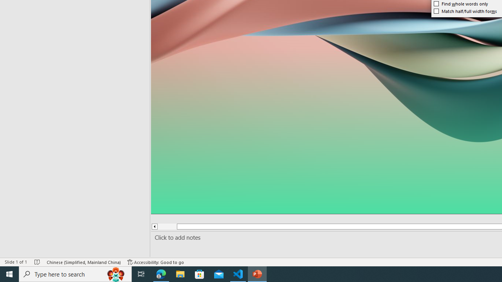 This screenshot has height=282, width=502. What do you see at coordinates (461, 4) in the screenshot?
I see `'Find whole words only'` at bounding box center [461, 4].